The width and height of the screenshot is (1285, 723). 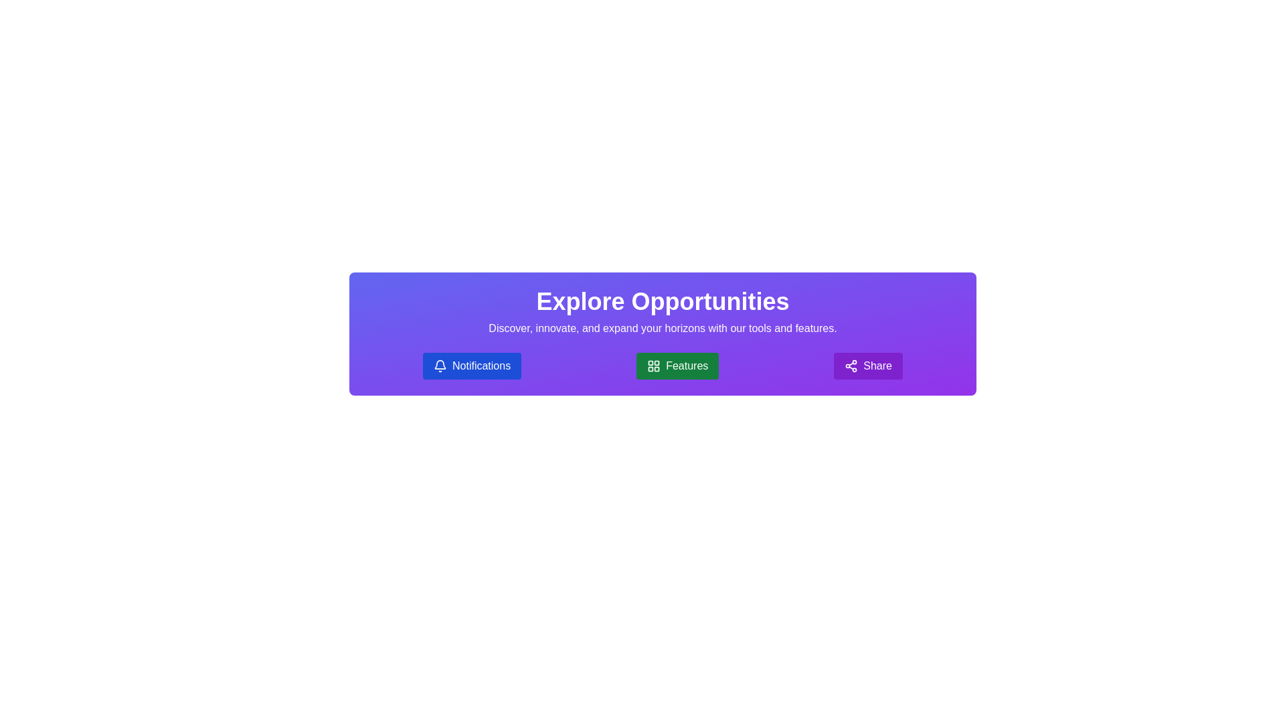 I want to click on the Text block that contains the heading 'Explore Opportunities' and the subheading 'Discover, innovate, and expand your horizons with our tools and features.', so click(x=663, y=312).